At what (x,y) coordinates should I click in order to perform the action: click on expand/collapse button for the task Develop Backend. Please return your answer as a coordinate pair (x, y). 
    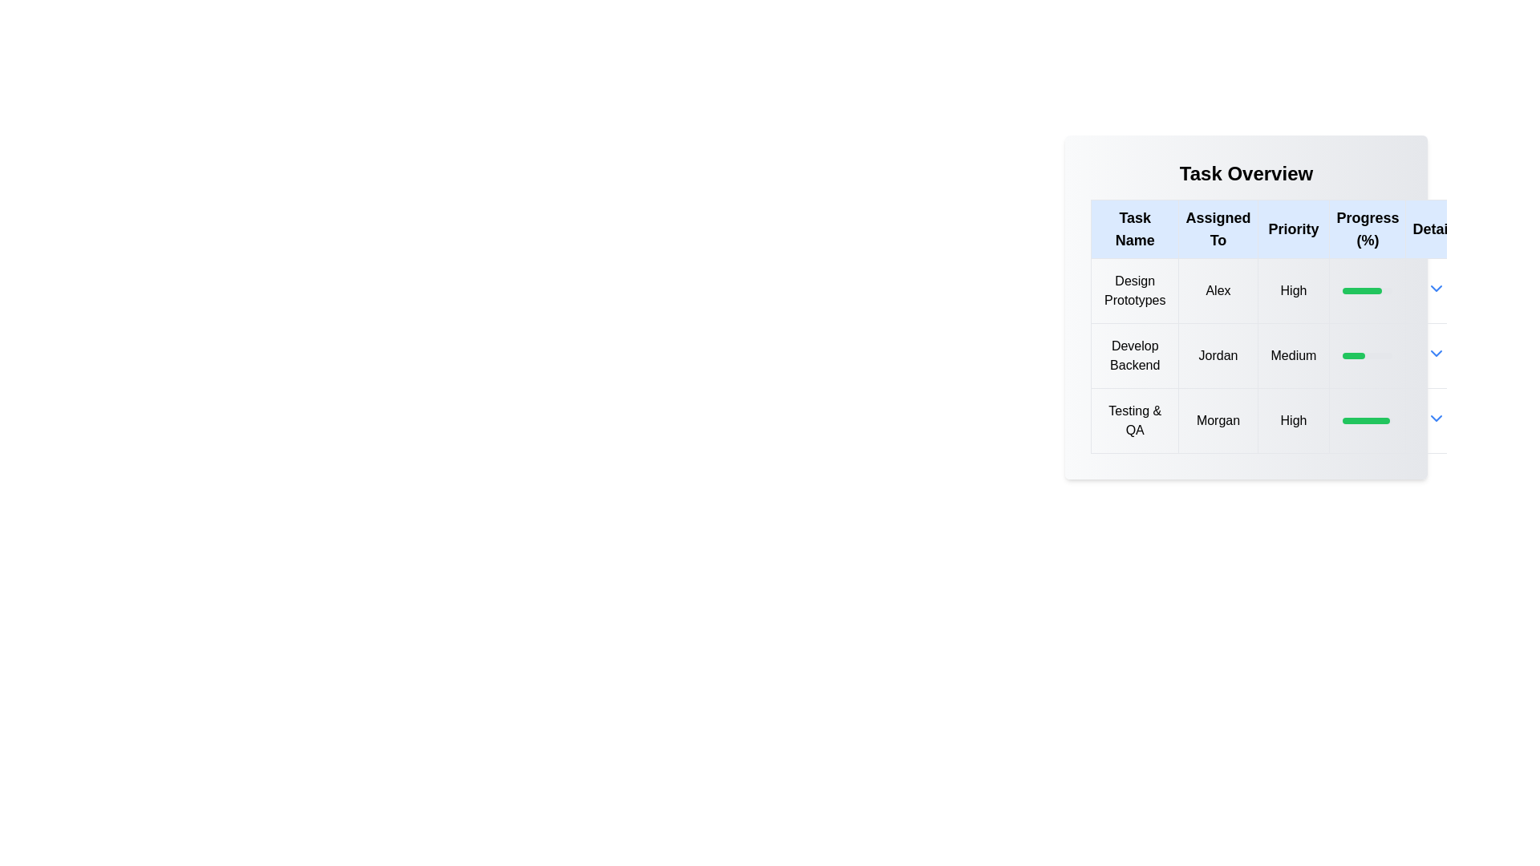
    Looking at the image, I should click on (1436, 352).